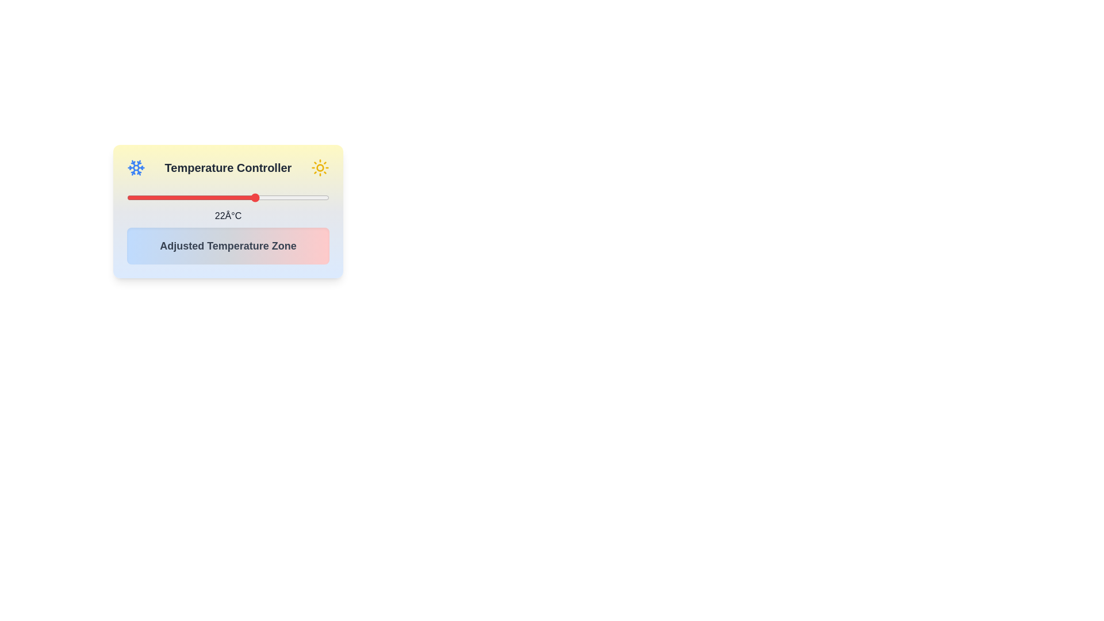 This screenshot has height=621, width=1104. I want to click on the yellow circular shape at the center of the sun icon located at the top-right corner of the temperature controller interface, so click(320, 168).